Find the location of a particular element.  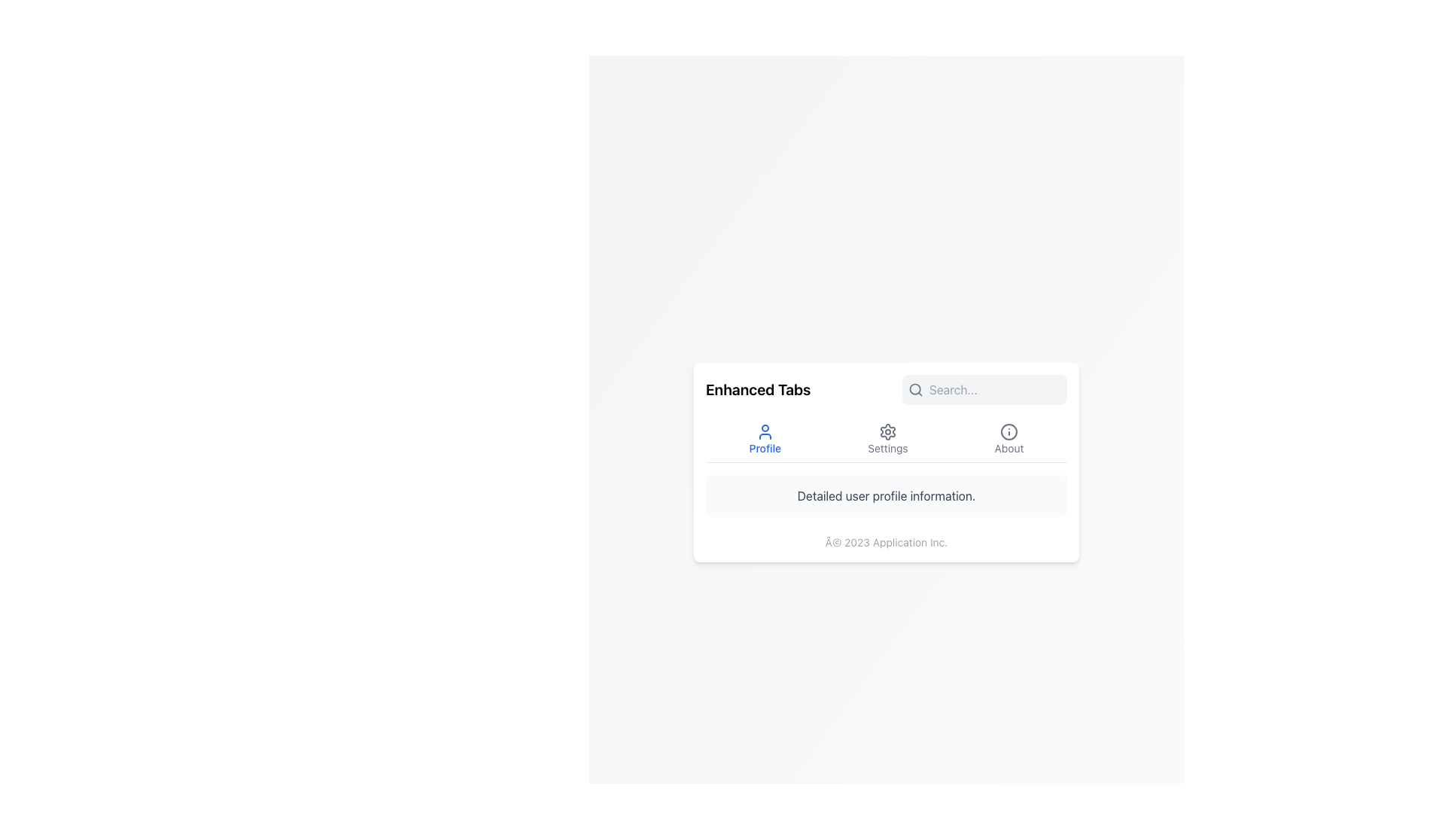

the round information button labeled 'About' is located at coordinates (1009, 439).